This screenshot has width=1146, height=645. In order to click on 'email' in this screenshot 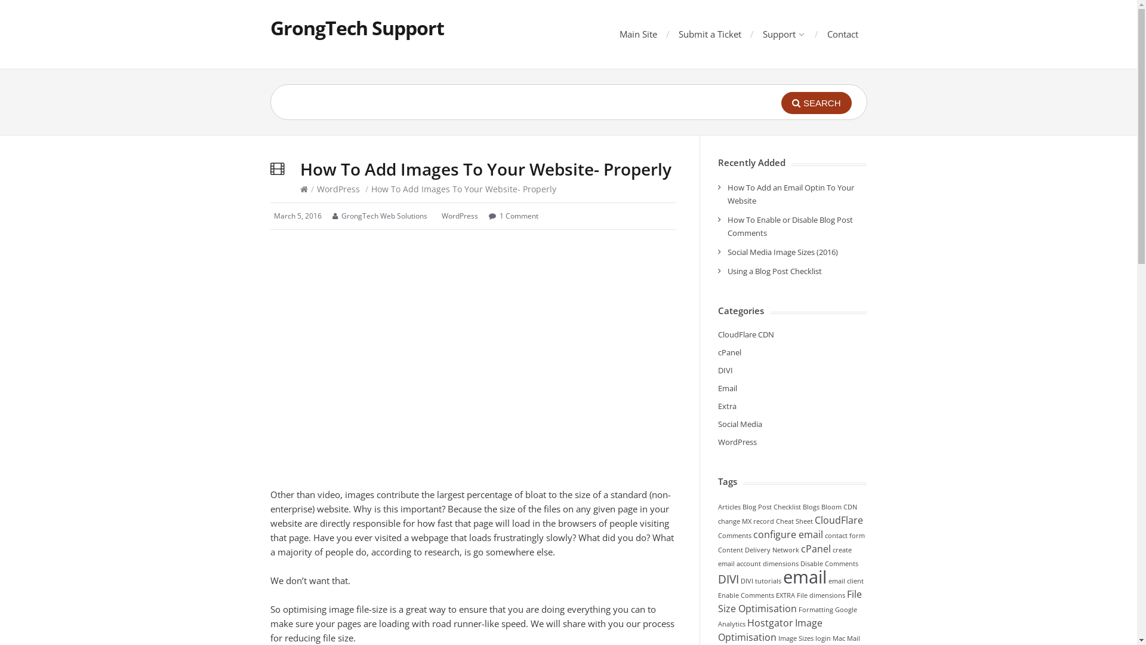, I will do `click(805, 576)`.